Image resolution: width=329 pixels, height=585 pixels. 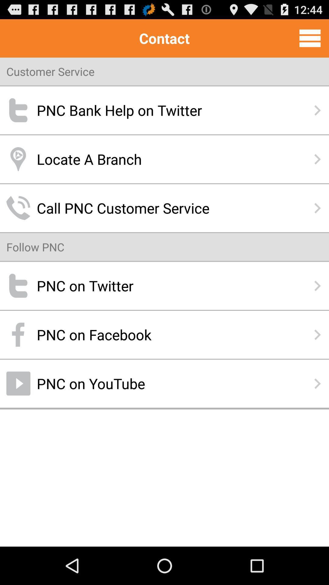 I want to click on the icon on the left, so click(x=35, y=247).